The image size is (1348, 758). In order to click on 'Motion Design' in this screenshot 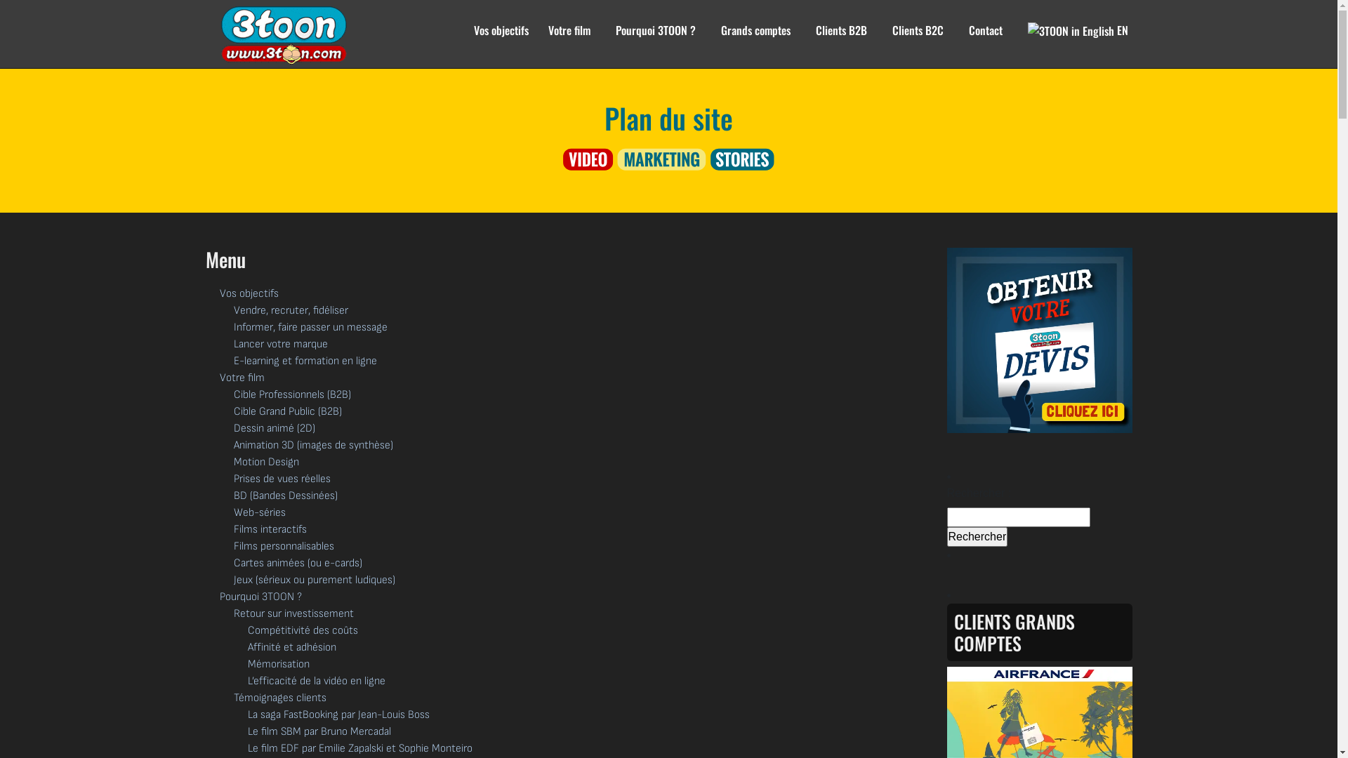, I will do `click(265, 462)`.